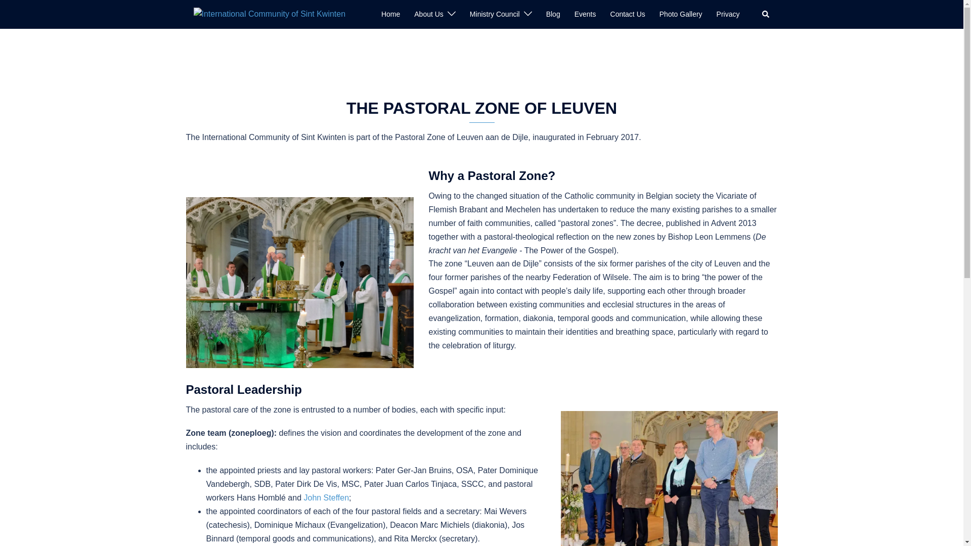  I want to click on 'Events', so click(585, 15).